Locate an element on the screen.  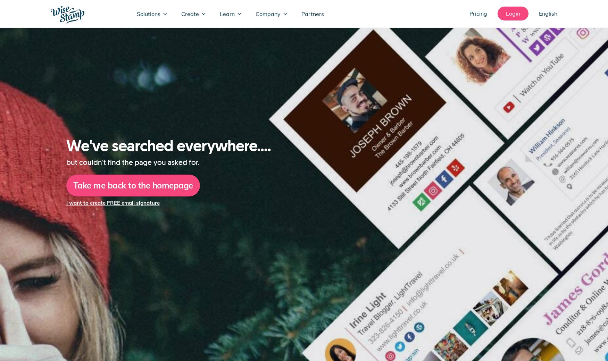
'but couldn't find the page you asked for.' is located at coordinates (132, 162).